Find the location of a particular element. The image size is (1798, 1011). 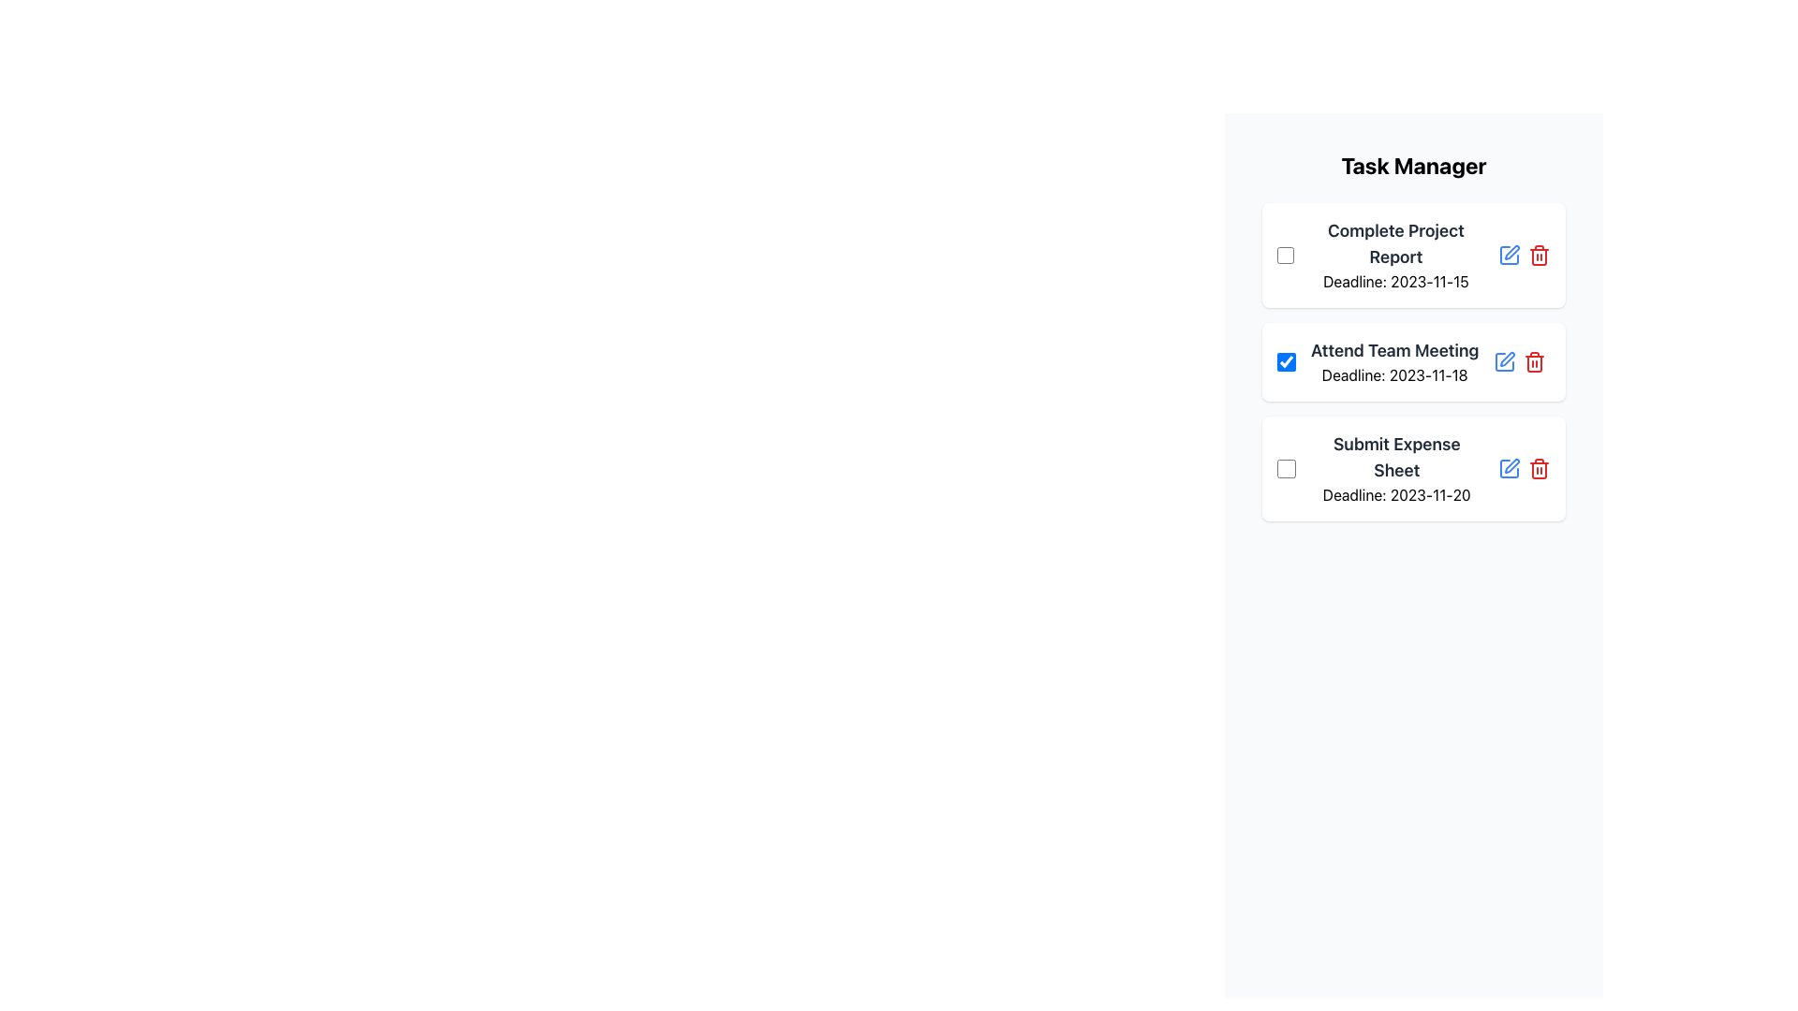

the edit icon for the task labeled 'Attend Team Meeting' is located at coordinates (1510, 256).